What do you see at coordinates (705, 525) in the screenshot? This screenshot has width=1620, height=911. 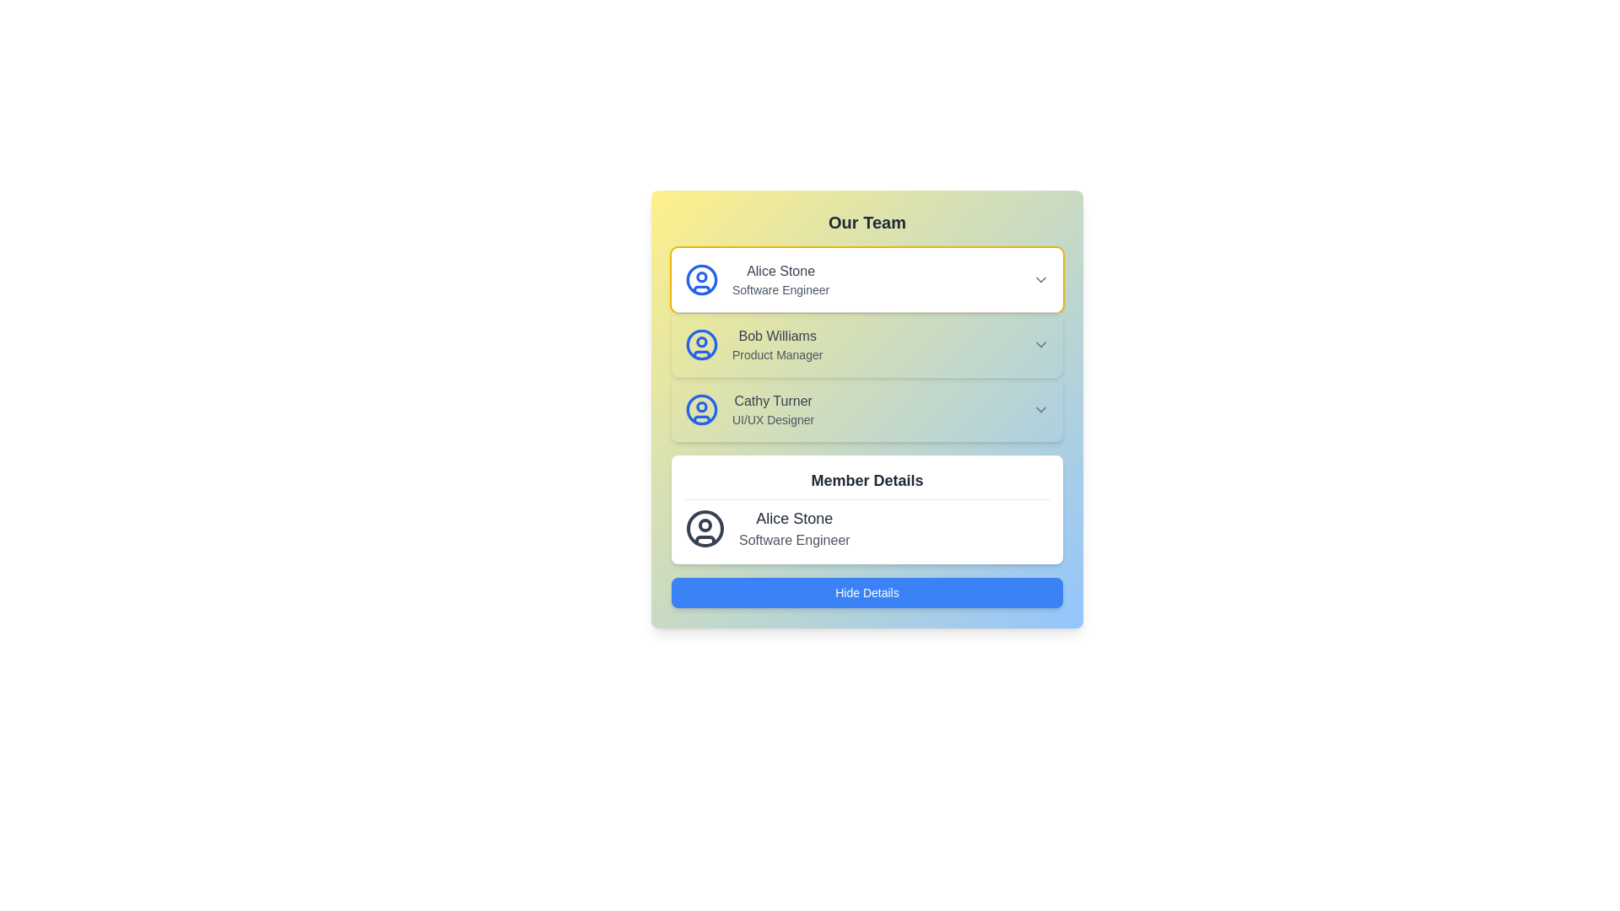 I see `the small circle located at the top-center of the user profile icon, which symbolizes a specific part of the user identity or role` at bounding box center [705, 525].